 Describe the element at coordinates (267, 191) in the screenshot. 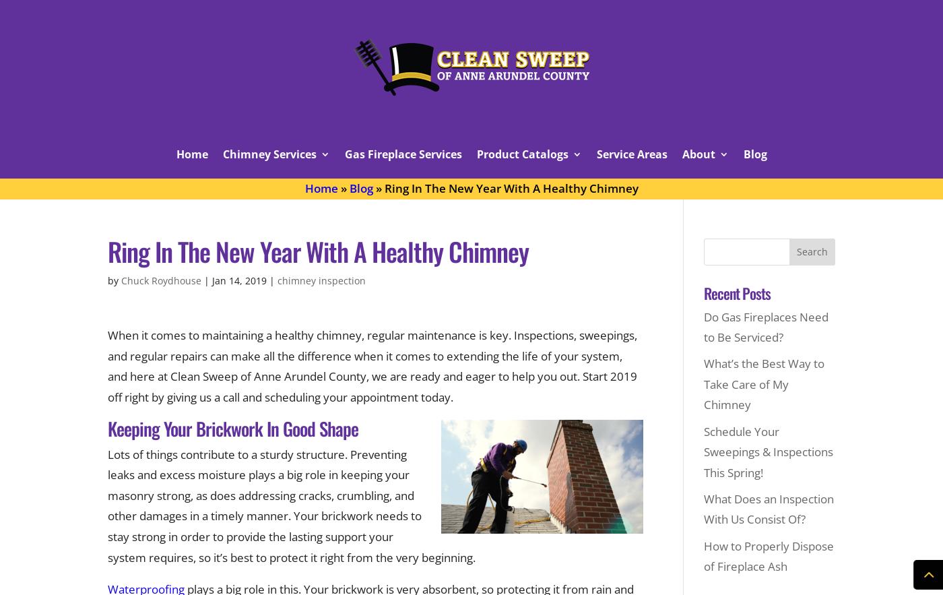

I see `'Chimney Inspections'` at that location.